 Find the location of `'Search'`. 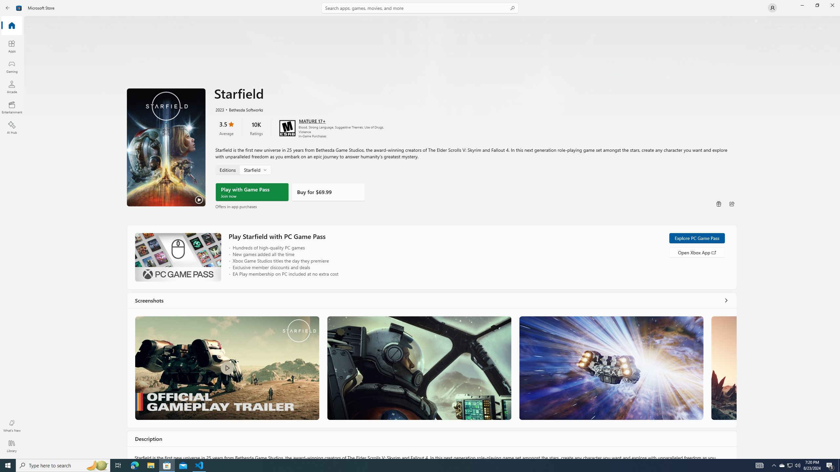

'Search' is located at coordinates (420, 8).